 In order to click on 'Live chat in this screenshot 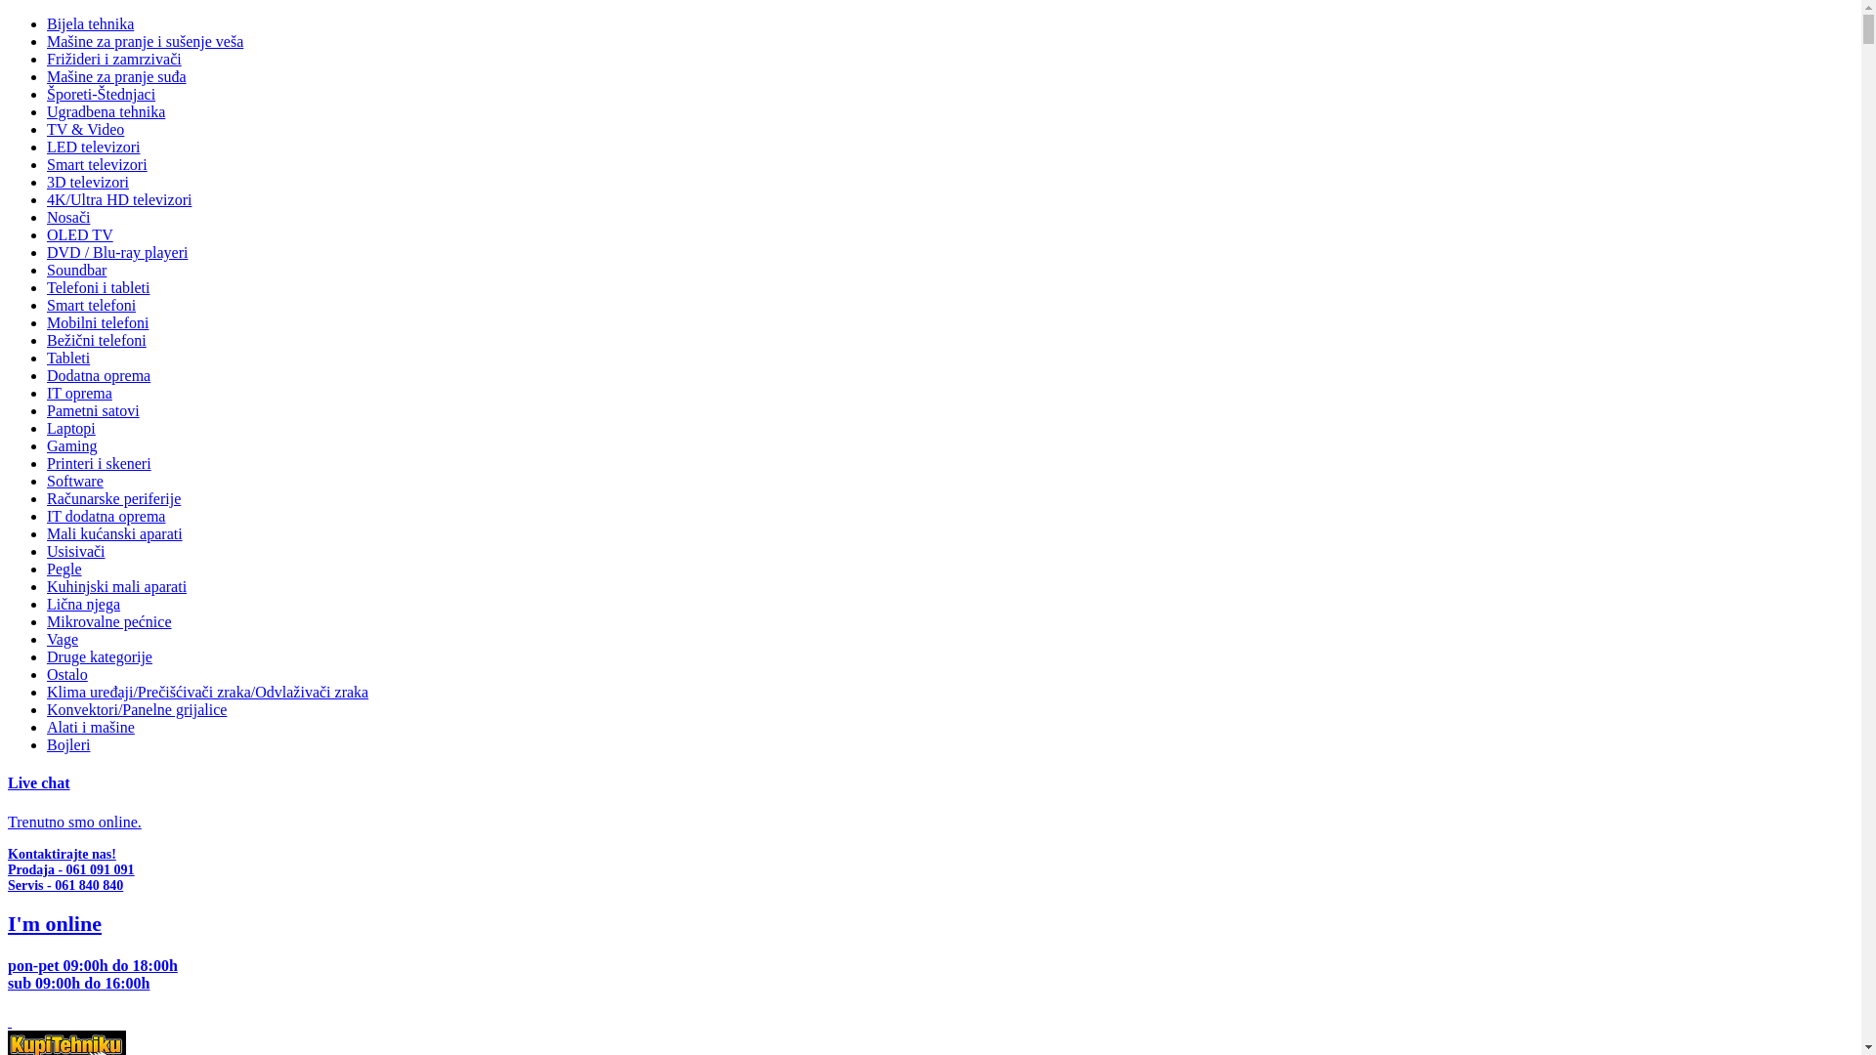, I will do `click(8, 802)`.